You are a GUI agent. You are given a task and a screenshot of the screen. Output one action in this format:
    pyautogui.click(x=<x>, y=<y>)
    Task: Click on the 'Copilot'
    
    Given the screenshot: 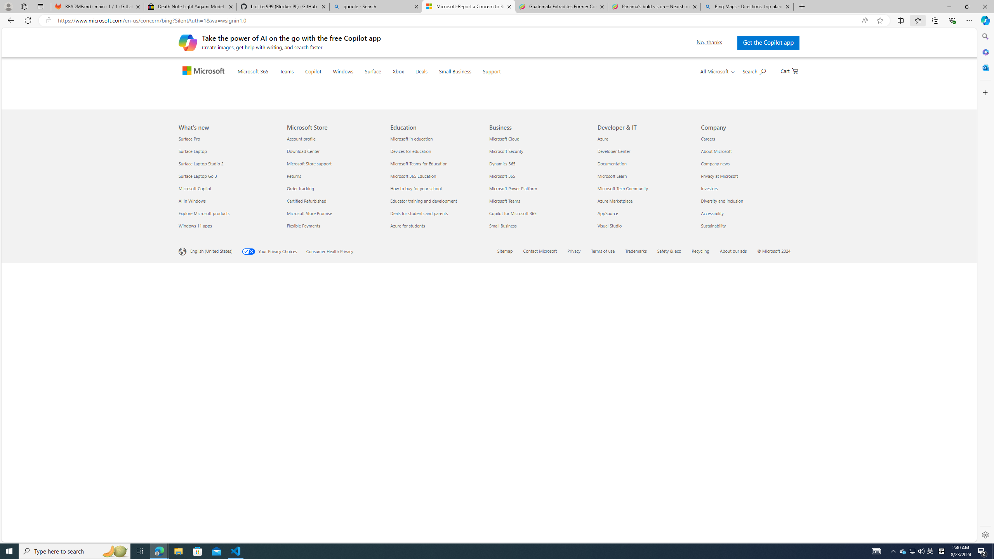 What is the action you would take?
    pyautogui.click(x=328, y=80)
    